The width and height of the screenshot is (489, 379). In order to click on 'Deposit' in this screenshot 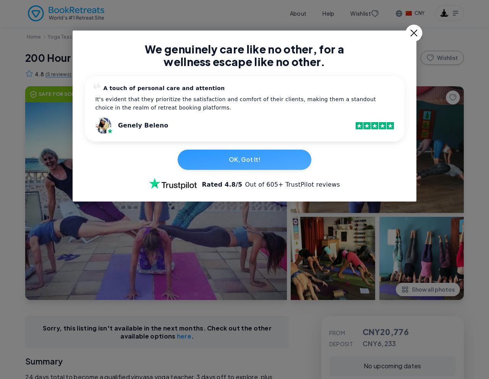, I will do `click(340, 343)`.